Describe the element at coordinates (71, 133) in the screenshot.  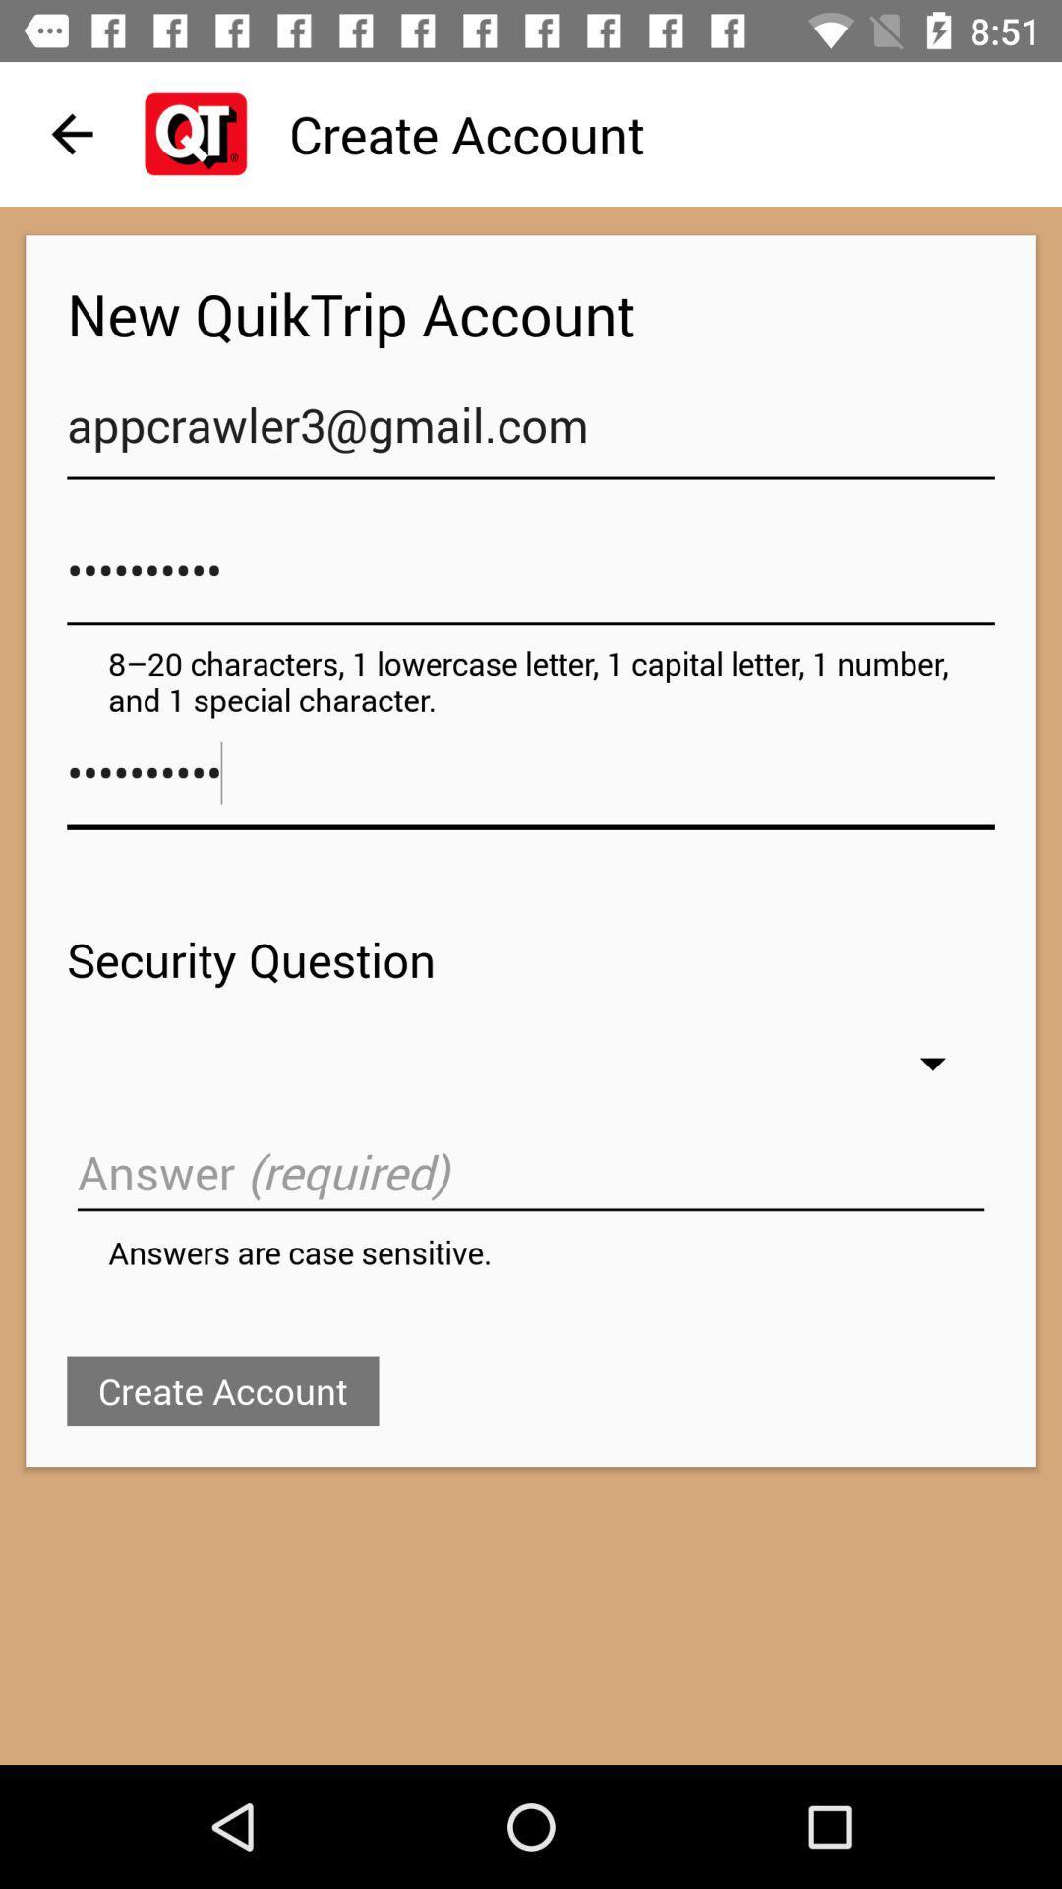
I see `the icon above the new quiktrip account icon` at that location.